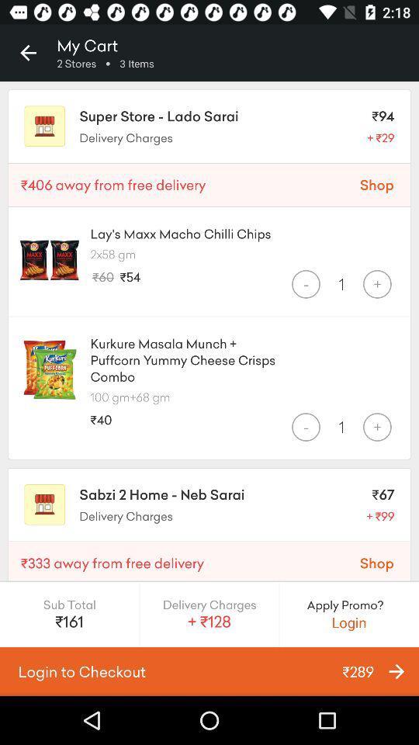 This screenshot has width=419, height=745. What do you see at coordinates (402, 670) in the screenshot?
I see `the arrow_forward icon` at bounding box center [402, 670].